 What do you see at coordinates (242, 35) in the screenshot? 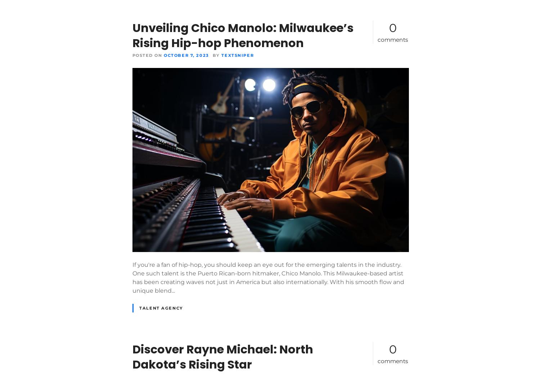
I see `'Unveiling Chico Manolo: Milwaukee’s Rising Hip-hop Phenomenon'` at bounding box center [242, 35].